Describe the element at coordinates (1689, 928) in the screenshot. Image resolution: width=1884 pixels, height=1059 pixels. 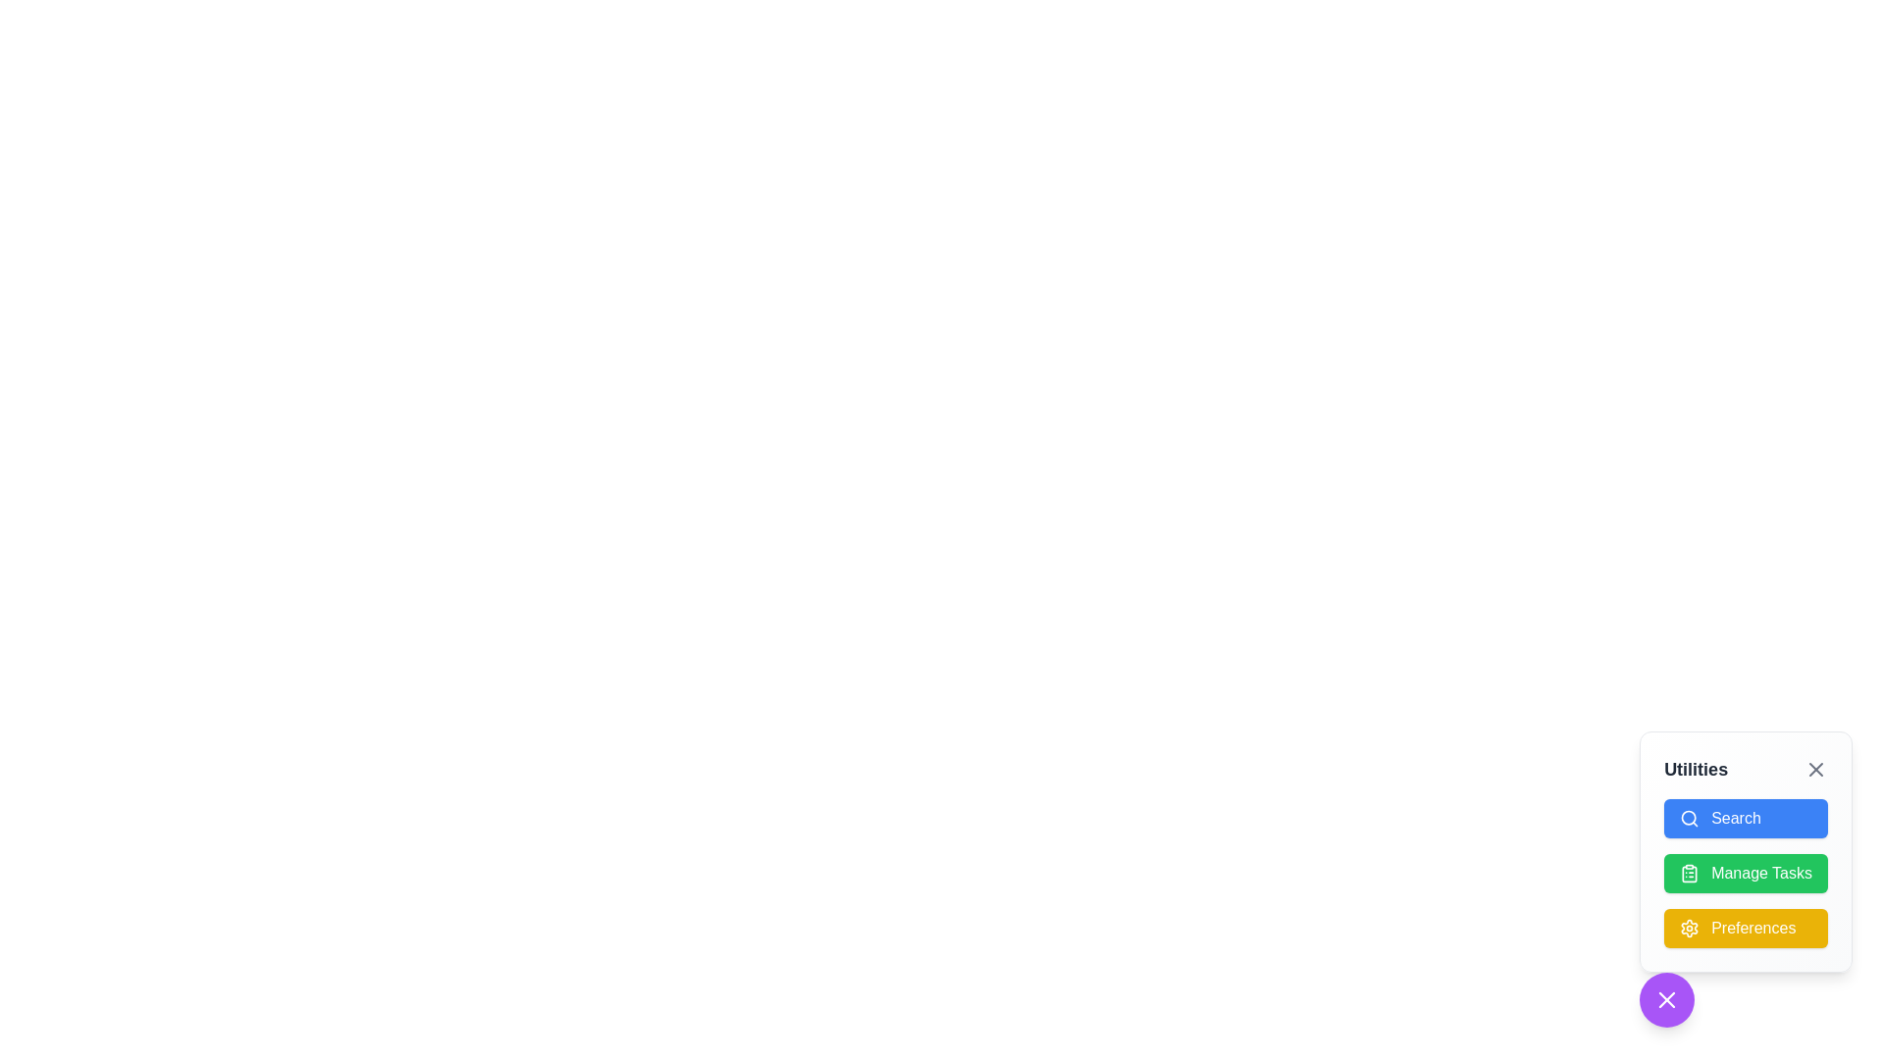
I see `the gear icon, which is styled with a golden color scheme and located inside the 'Preferences' button in the 'Utilities' popup` at that location.